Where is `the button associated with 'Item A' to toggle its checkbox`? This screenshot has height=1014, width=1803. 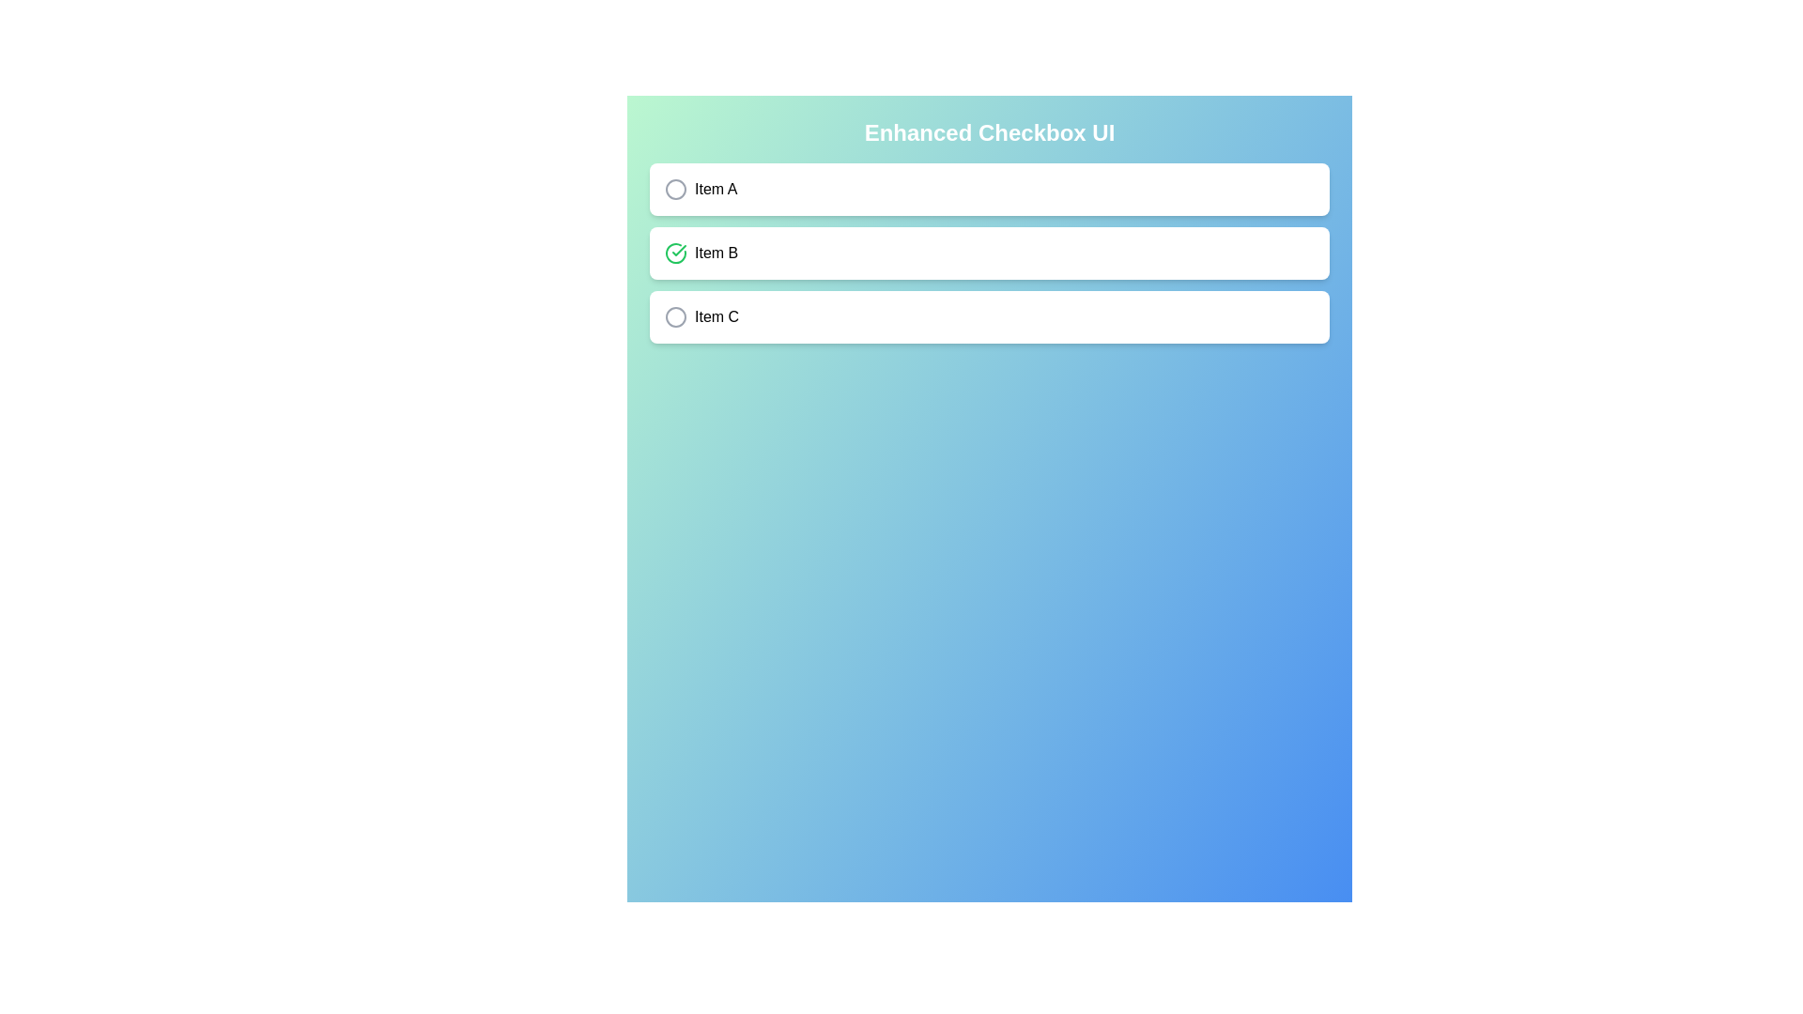 the button associated with 'Item A' to toggle its checkbox is located at coordinates (676, 189).